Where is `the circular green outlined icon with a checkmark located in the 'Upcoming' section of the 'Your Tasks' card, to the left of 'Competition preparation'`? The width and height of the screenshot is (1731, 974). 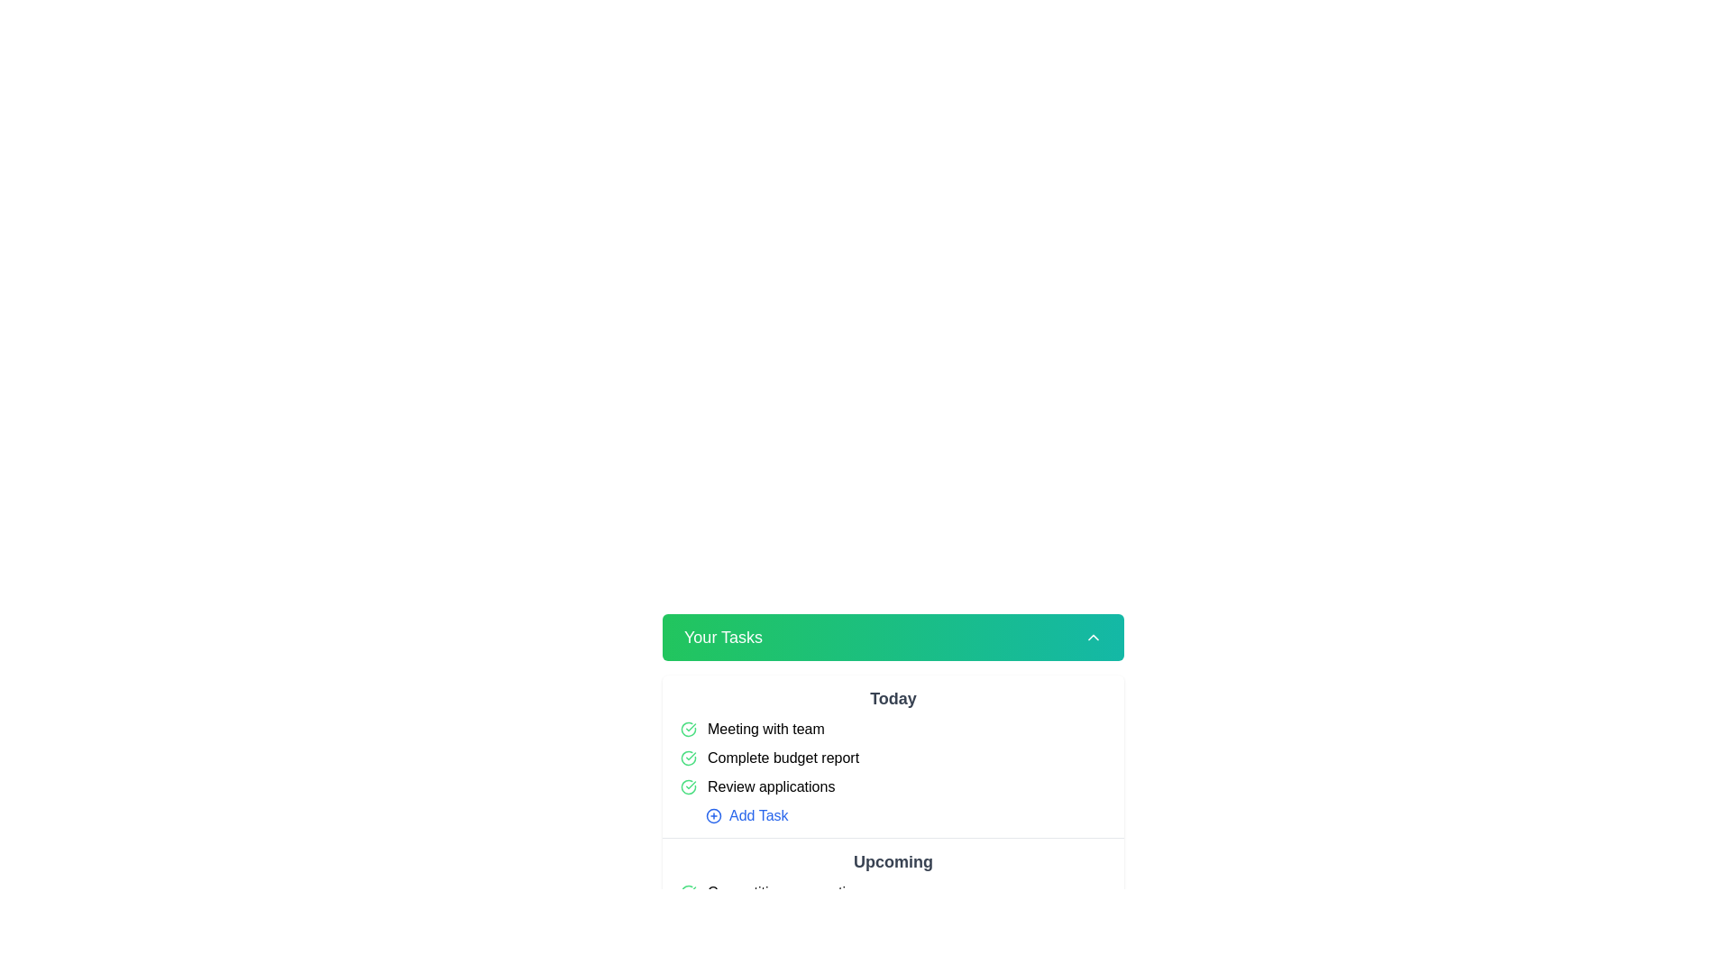 the circular green outlined icon with a checkmark located in the 'Upcoming' section of the 'Your Tasks' card, to the left of 'Competition preparation' is located at coordinates (687, 893).